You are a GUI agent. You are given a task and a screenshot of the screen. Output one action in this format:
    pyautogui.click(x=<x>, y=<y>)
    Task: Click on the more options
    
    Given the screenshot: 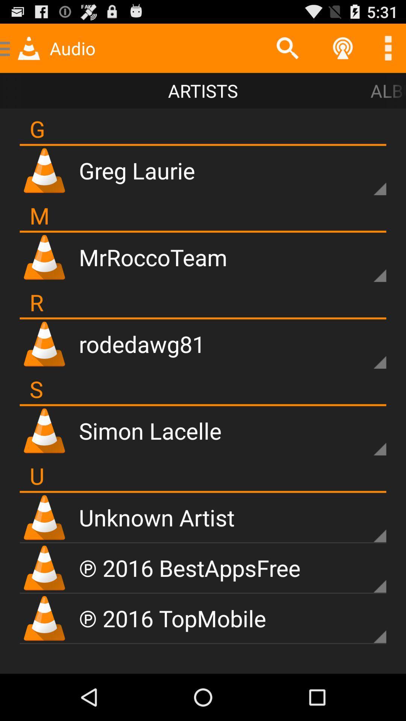 What is the action you would take?
    pyautogui.click(x=367, y=573)
    